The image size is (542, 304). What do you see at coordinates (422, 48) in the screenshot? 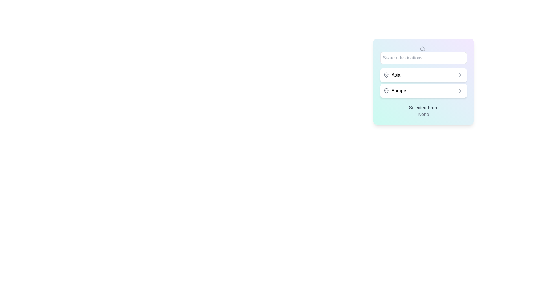
I see `the circular magnifying glass icon, which is outlined in gray and positioned above the search input field` at bounding box center [422, 48].